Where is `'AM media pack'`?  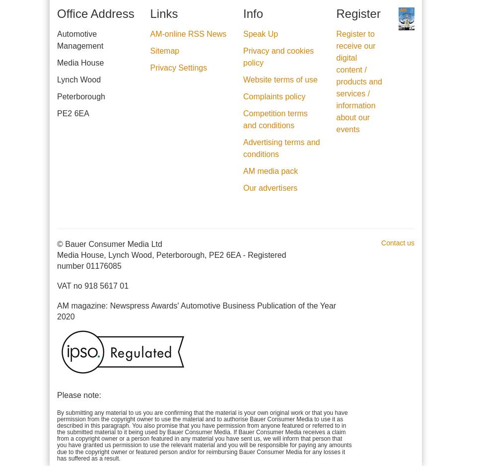
'AM media pack' is located at coordinates (270, 170).